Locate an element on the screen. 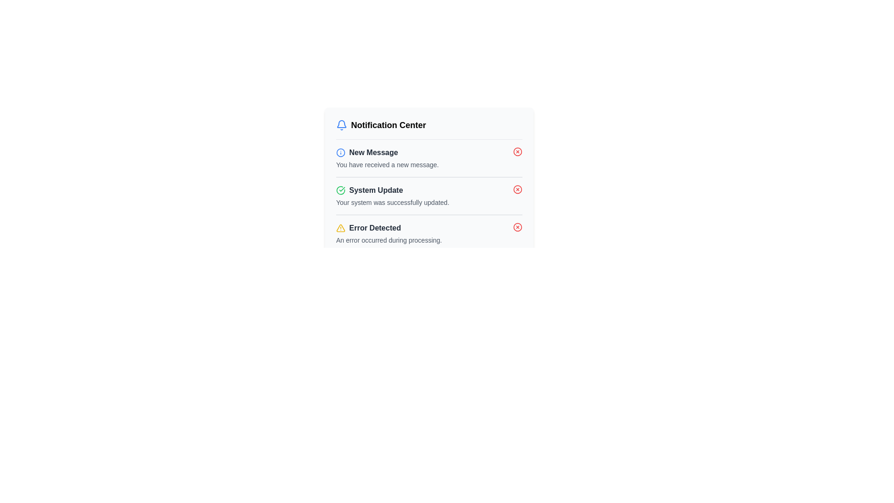  the Card Section that displays system update notifications, located centrally within the Notification Center, specifically the third section between 'New Message' and 'Error Detected' is located at coordinates (428, 185).